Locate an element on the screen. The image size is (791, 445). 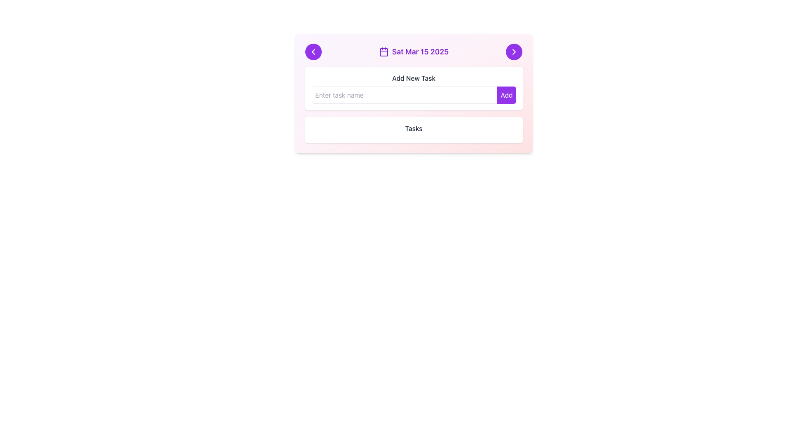
the text label displaying the date 'Sat Mar 15 2025' which is styled in bold purple and located next to the calendar icon in the top center of the card interface is located at coordinates (420, 52).